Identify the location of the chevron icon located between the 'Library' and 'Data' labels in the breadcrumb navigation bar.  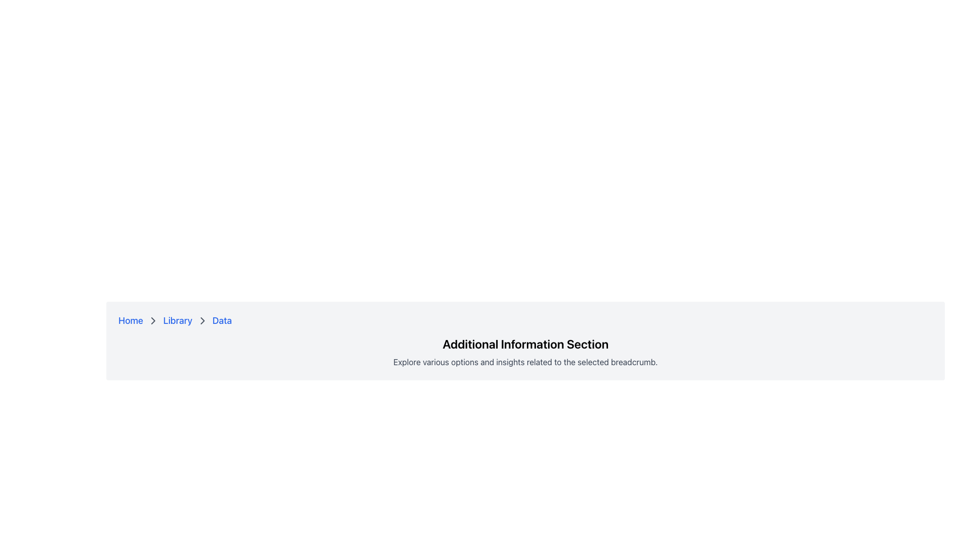
(152, 320).